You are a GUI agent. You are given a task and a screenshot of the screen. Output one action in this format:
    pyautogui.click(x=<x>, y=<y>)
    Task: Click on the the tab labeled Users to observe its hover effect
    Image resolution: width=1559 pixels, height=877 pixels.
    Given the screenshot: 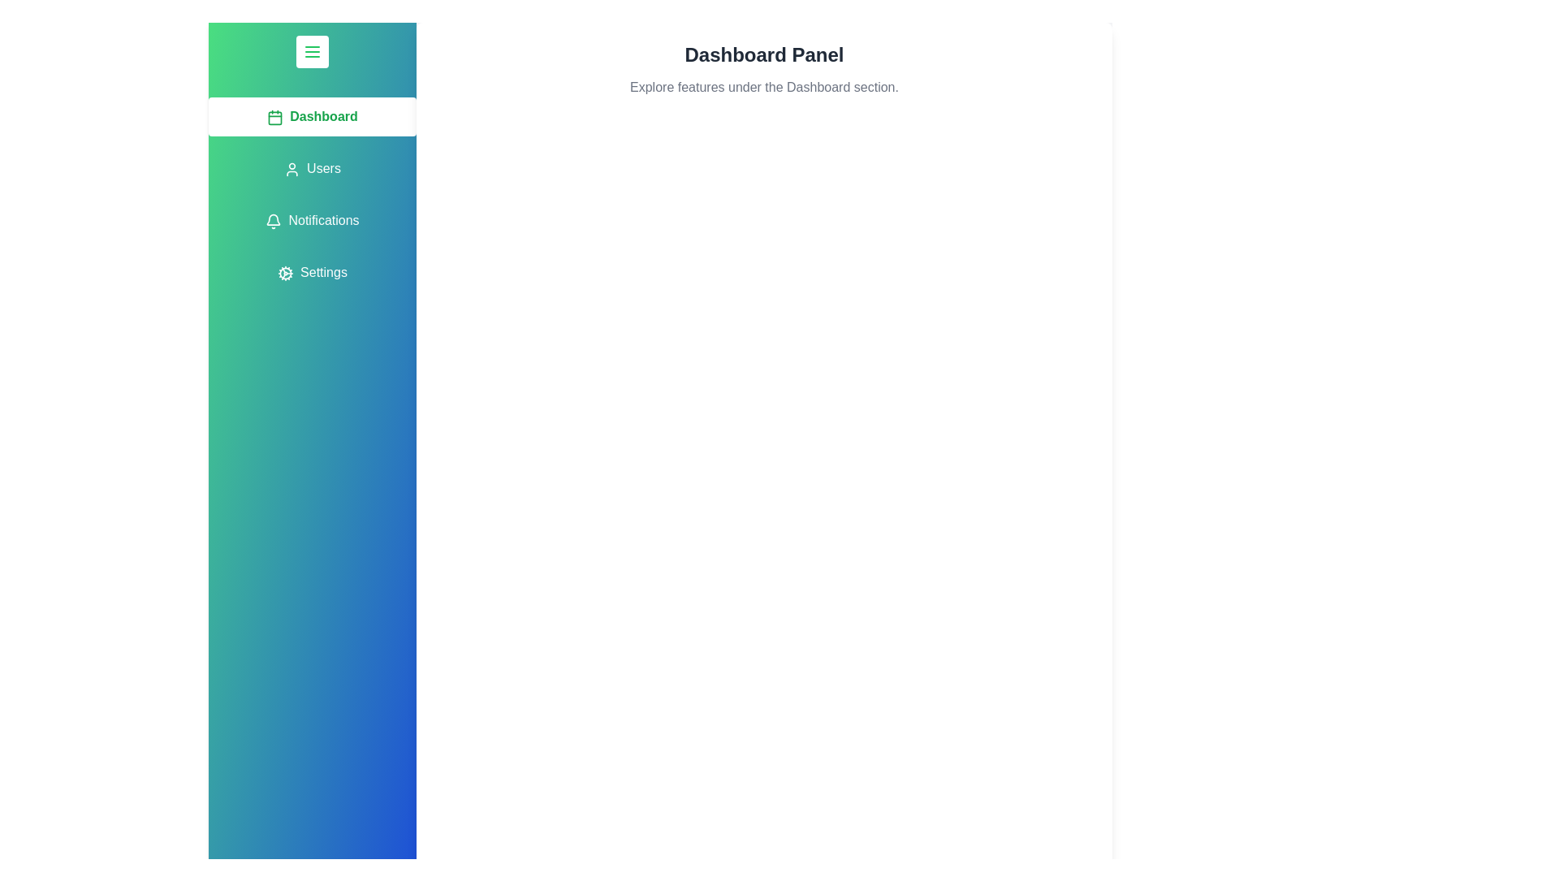 What is the action you would take?
    pyautogui.click(x=312, y=169)
    